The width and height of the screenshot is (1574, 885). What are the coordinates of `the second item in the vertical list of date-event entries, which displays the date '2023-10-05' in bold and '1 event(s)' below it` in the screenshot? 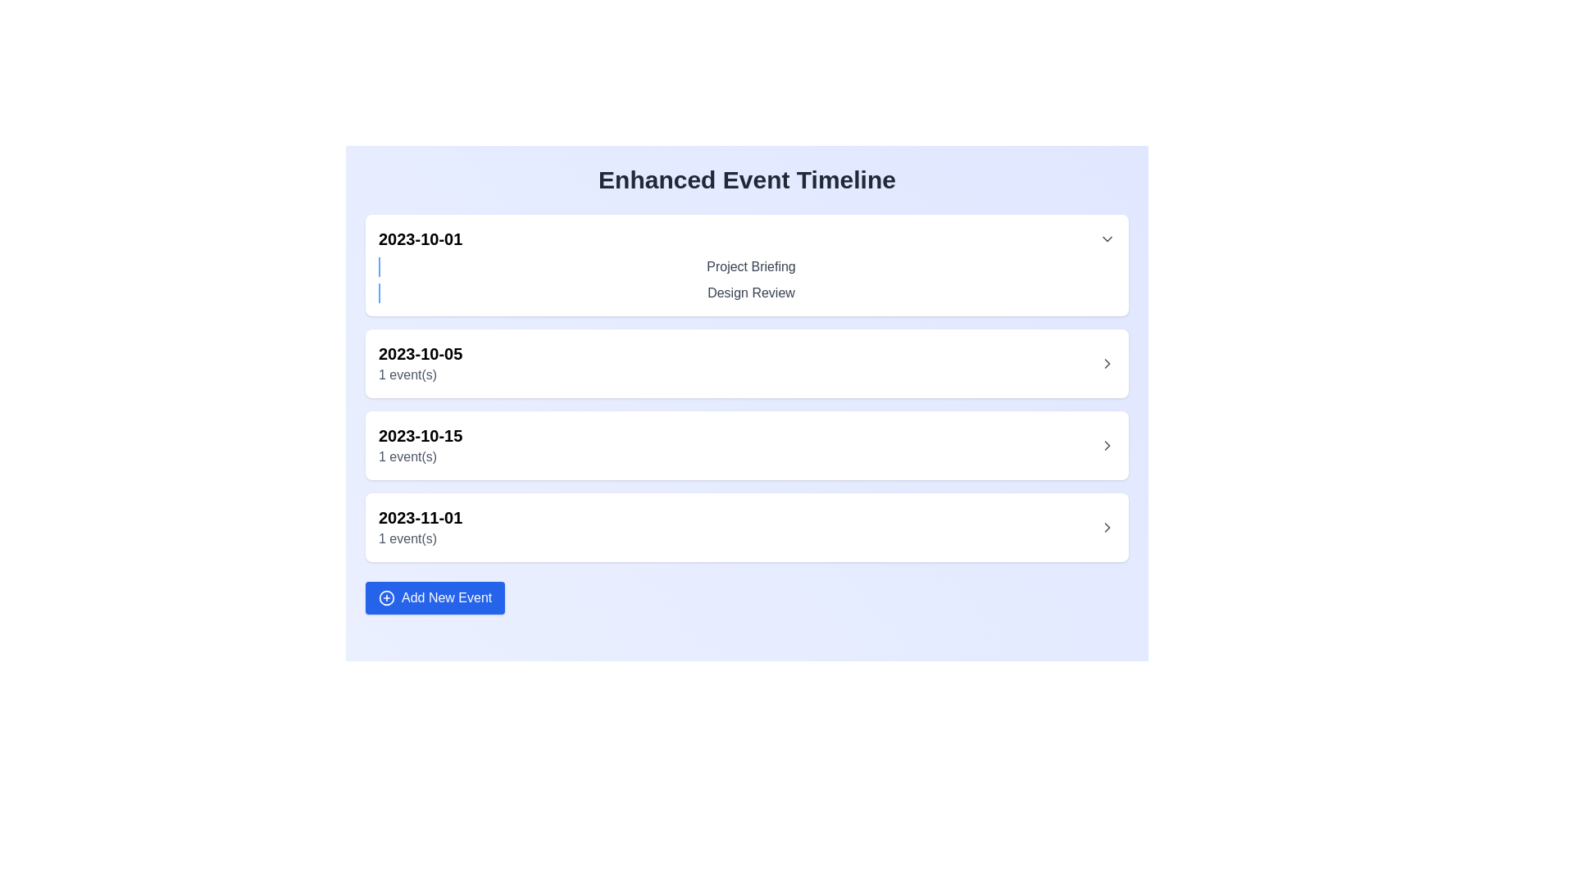 It's located at (746, 362).